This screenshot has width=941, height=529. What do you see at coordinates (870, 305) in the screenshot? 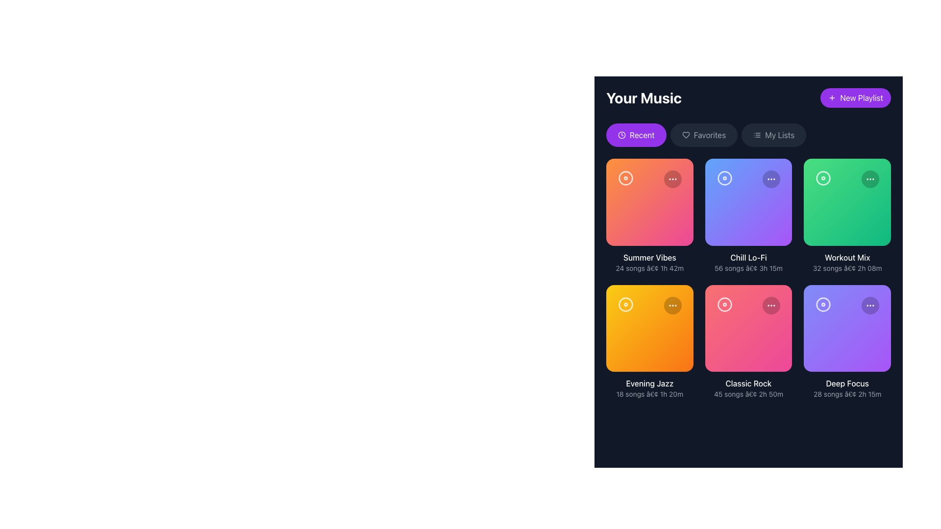
I see `the Ellipsis icon, which is represented by three small circular dots arranged in a horizontal line, located at the top-right corner of the 'Deep Focus' card in the music playlists layout` at bounding box center [870, 305].